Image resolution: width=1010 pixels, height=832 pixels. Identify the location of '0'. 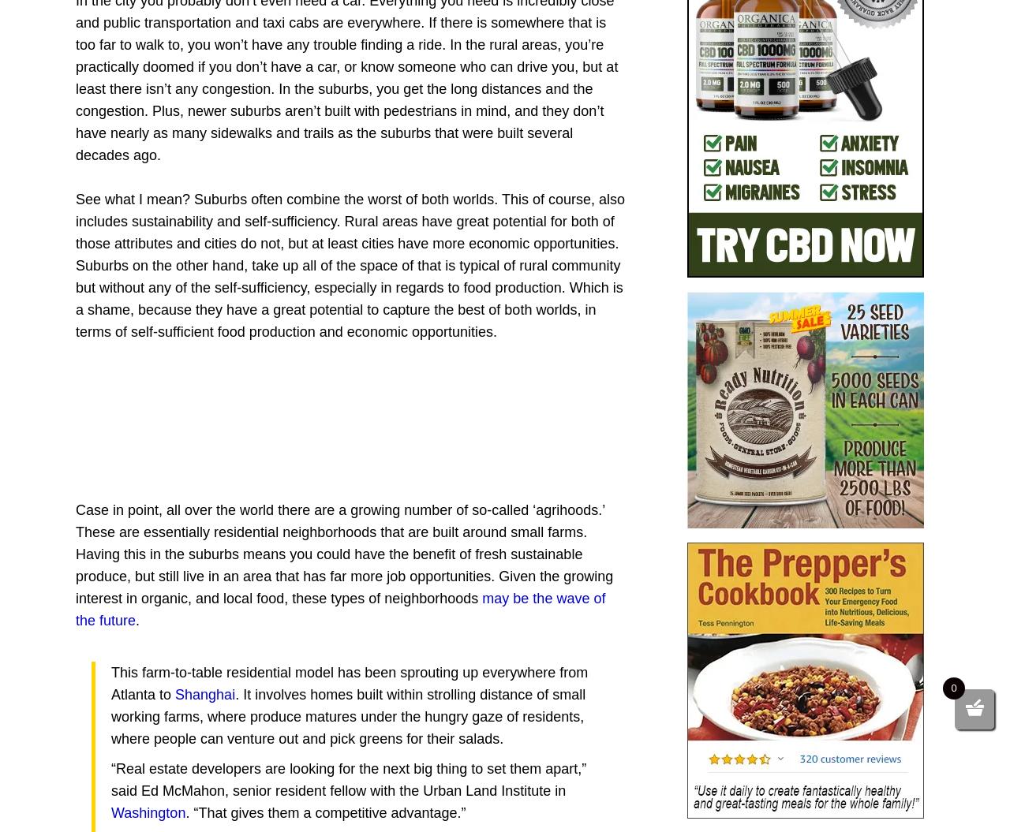
(952, 688).